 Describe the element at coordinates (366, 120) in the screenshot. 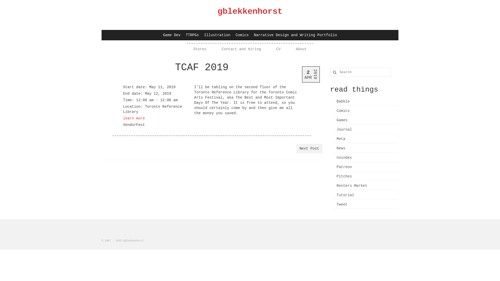

I see `'Games'` at that location.